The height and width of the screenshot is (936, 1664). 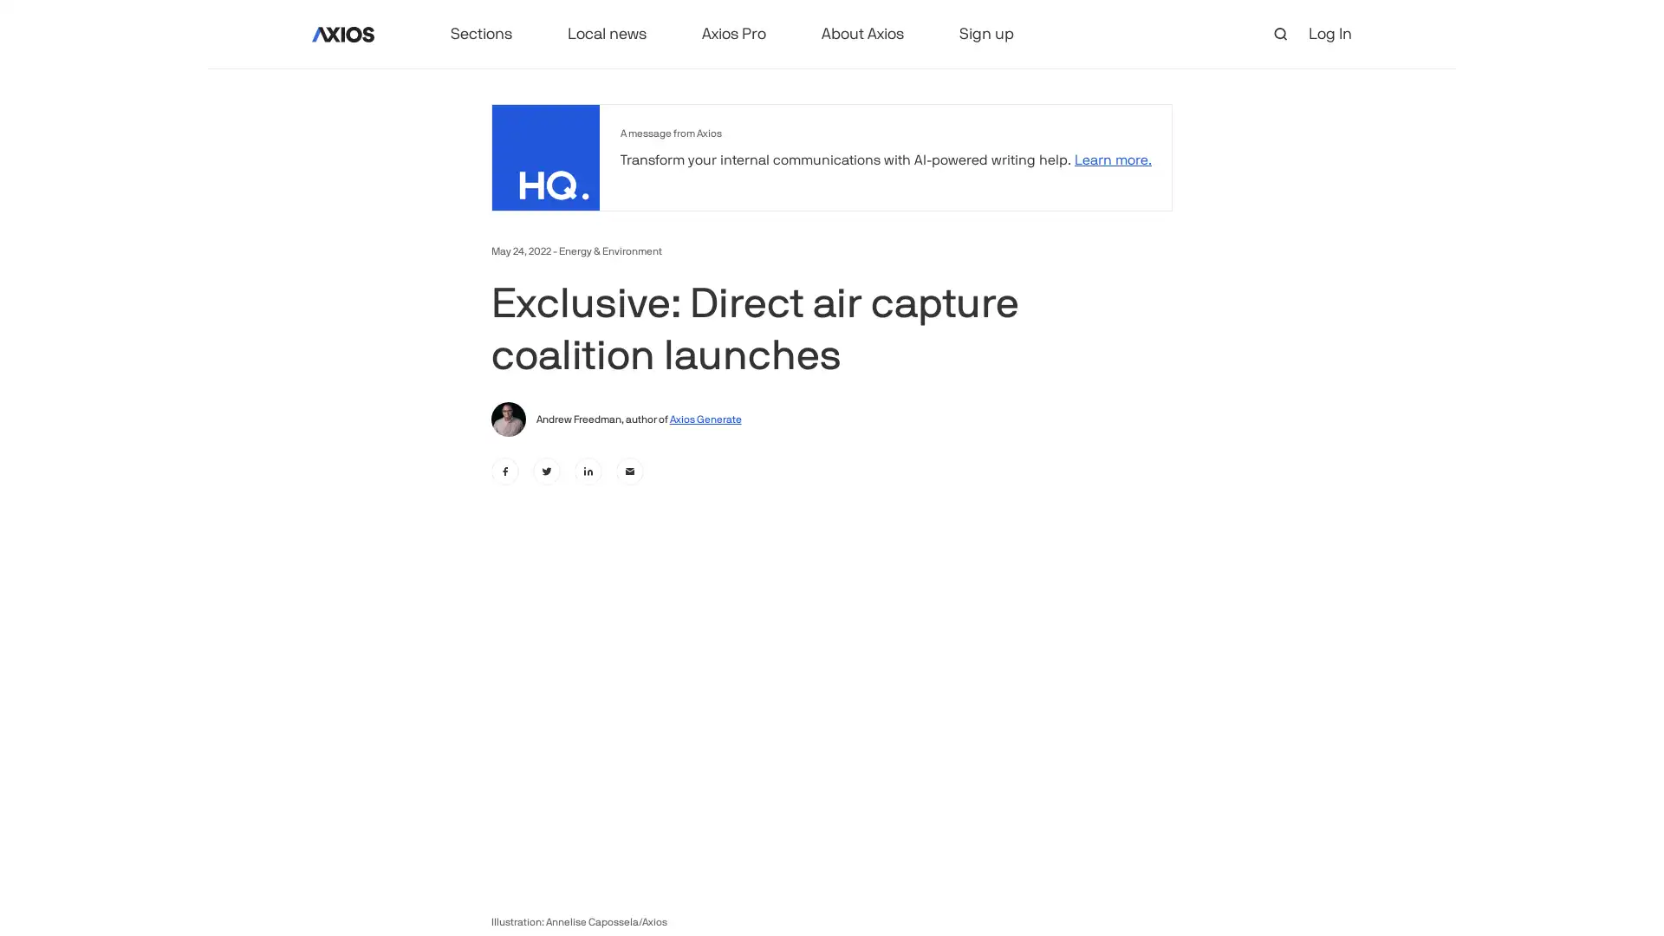 What do you see at coordinates (544, 471) in the screenshot?
I see `twitter` at bounding box center [544, 471].